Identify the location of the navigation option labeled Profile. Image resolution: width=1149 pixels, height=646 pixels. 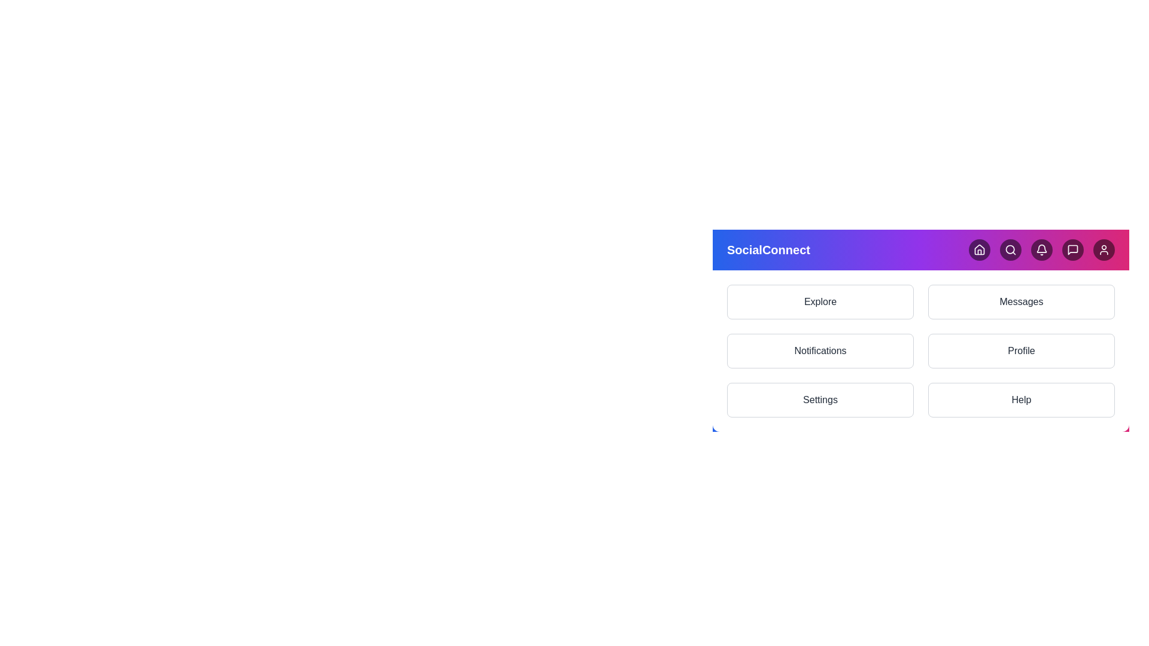
(1021, 350).